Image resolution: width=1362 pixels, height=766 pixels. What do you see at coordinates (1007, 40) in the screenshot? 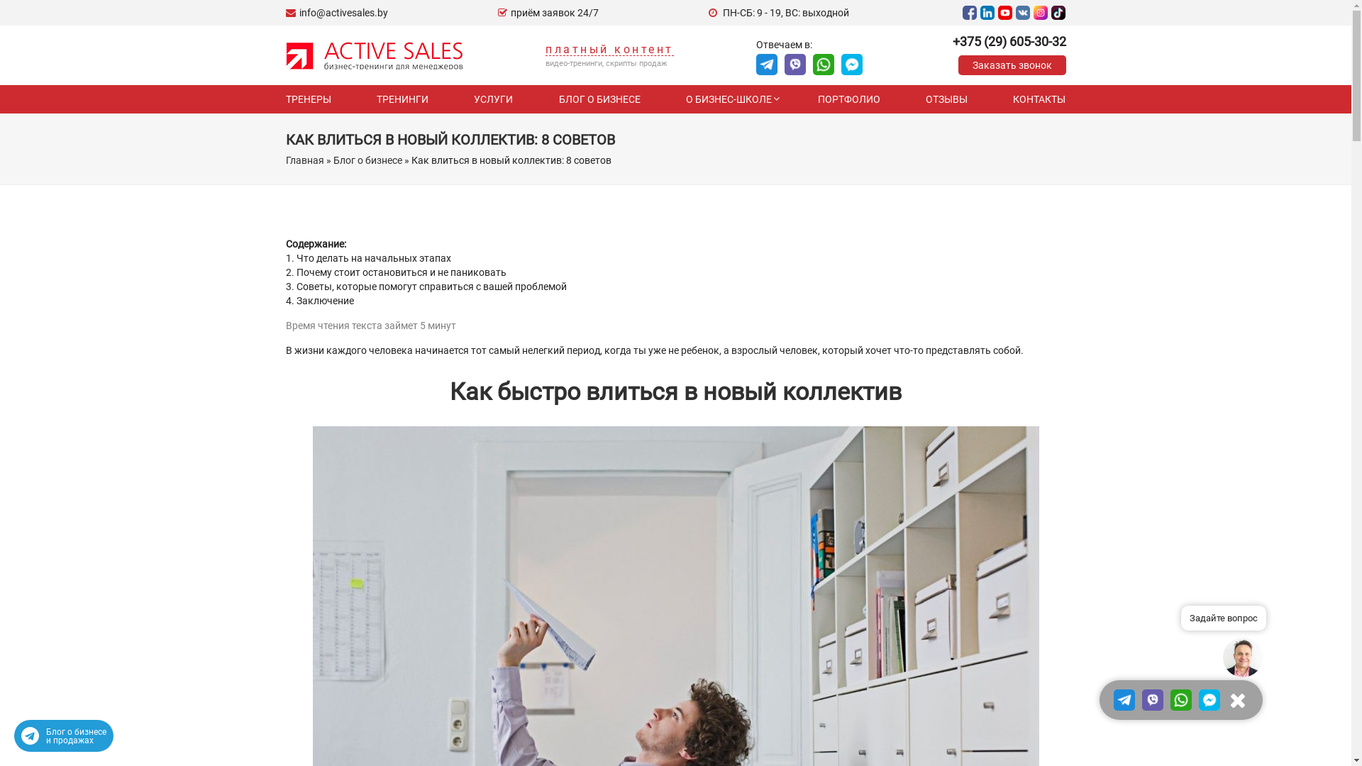
I see `'+375 (29) 605-30-32'` at bounding box center [1007, 40].